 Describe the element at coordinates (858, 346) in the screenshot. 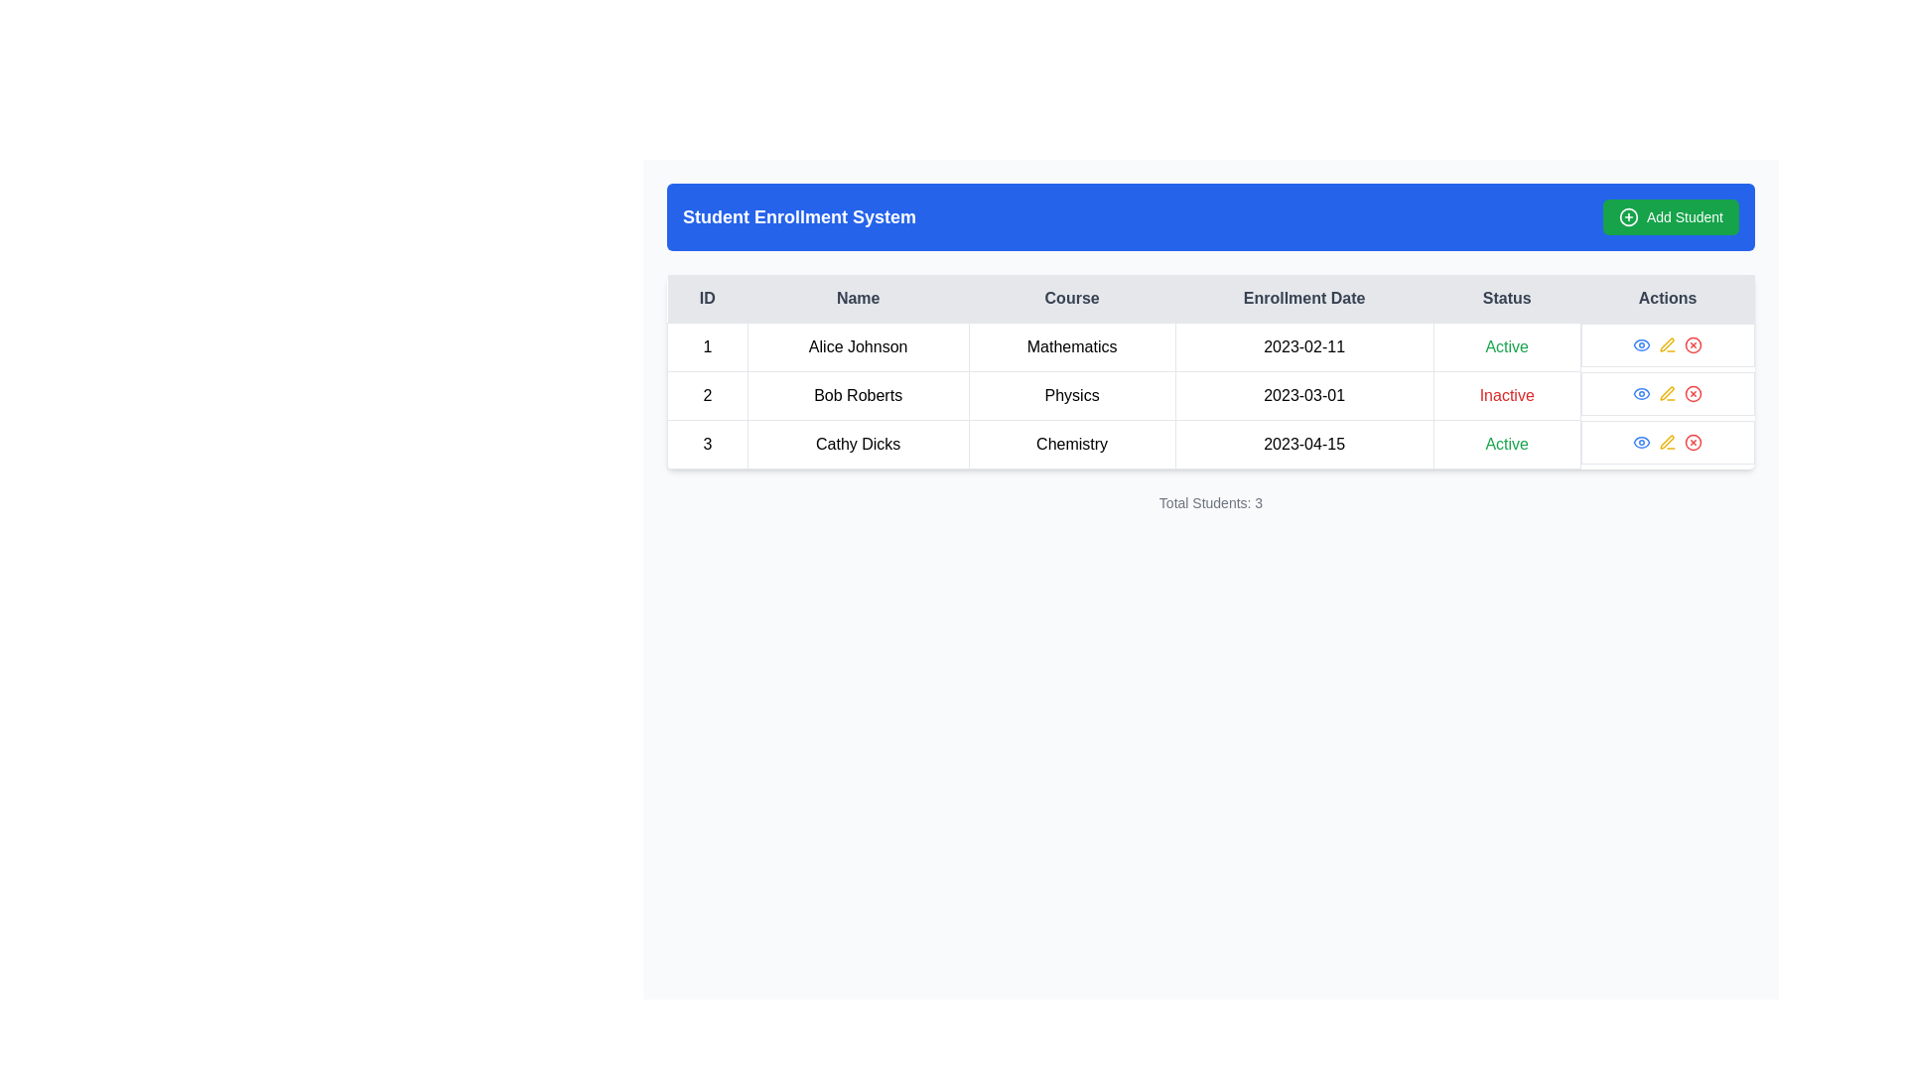

I see `the text label displaying 'Alice Johnson', which is bold and centered within its table cell` at that location.